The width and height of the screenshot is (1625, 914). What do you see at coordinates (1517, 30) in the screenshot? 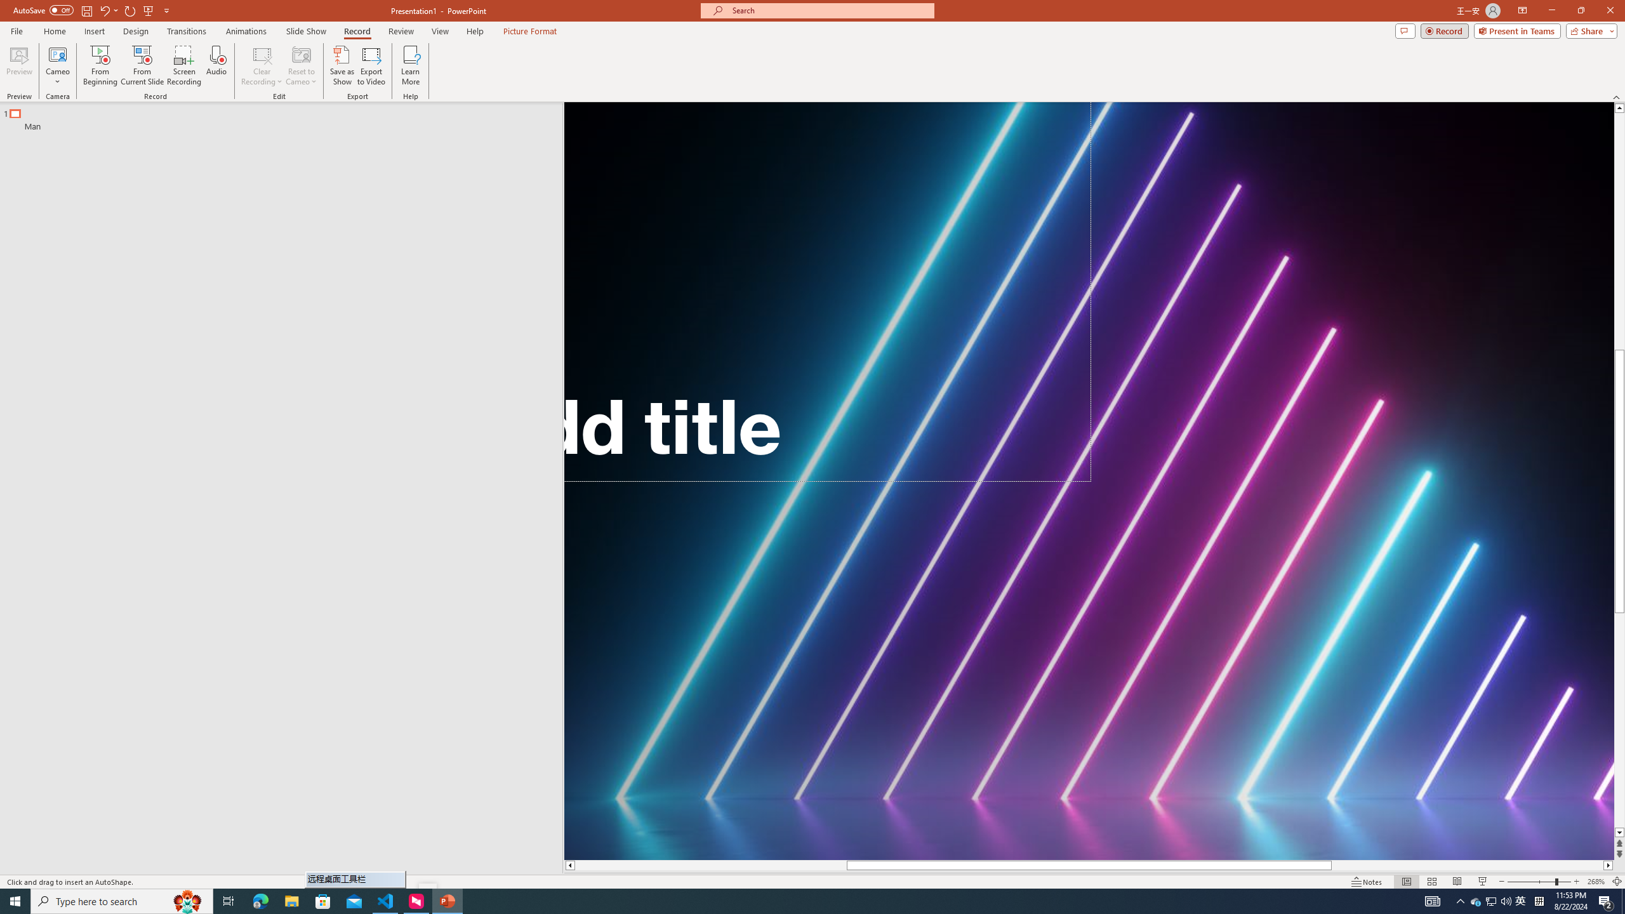
I see `'Present in Teams'` at bounding box center [1517, 30].